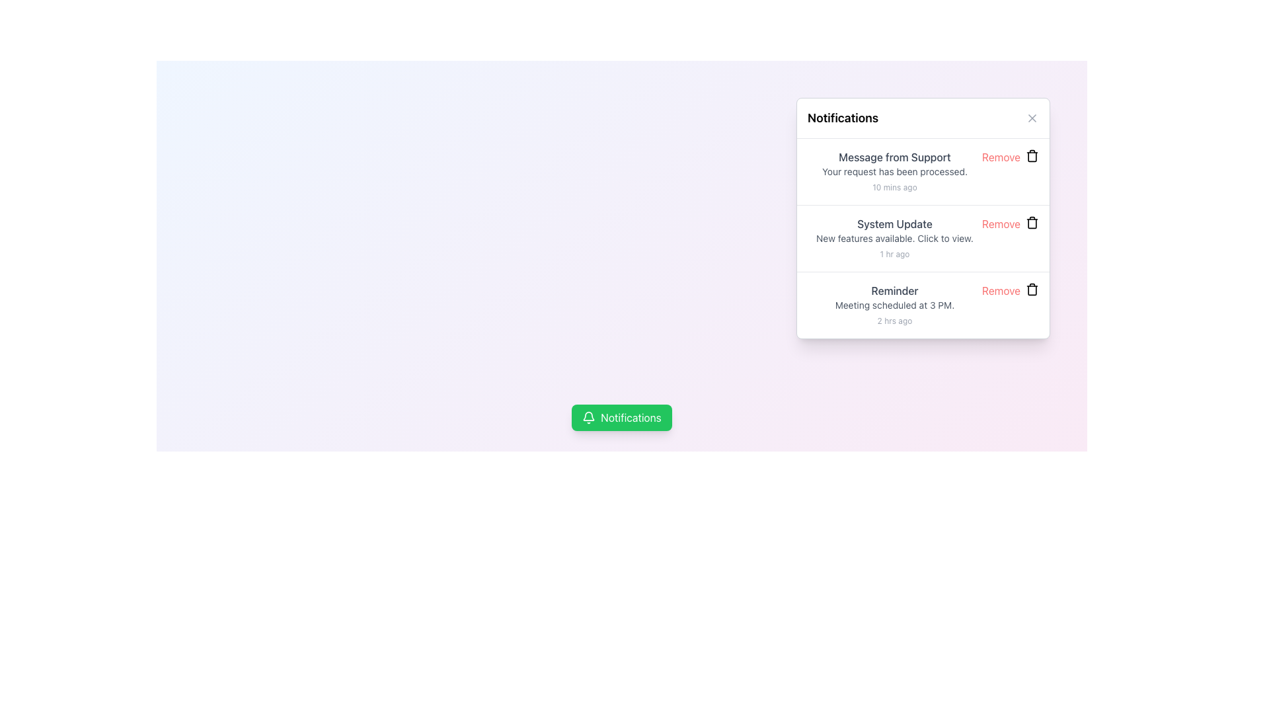 The height and width of the screenshot is (714, 1269). Describe the element at coordinates (842, 117) in the screenshot. I see `the 'Notifications' text label at the top-left corner of the notification panel` at that location.